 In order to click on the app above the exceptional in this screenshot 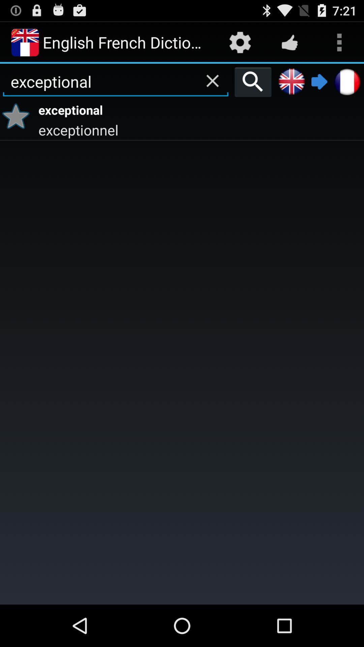, I will do `click(212, 81)`.